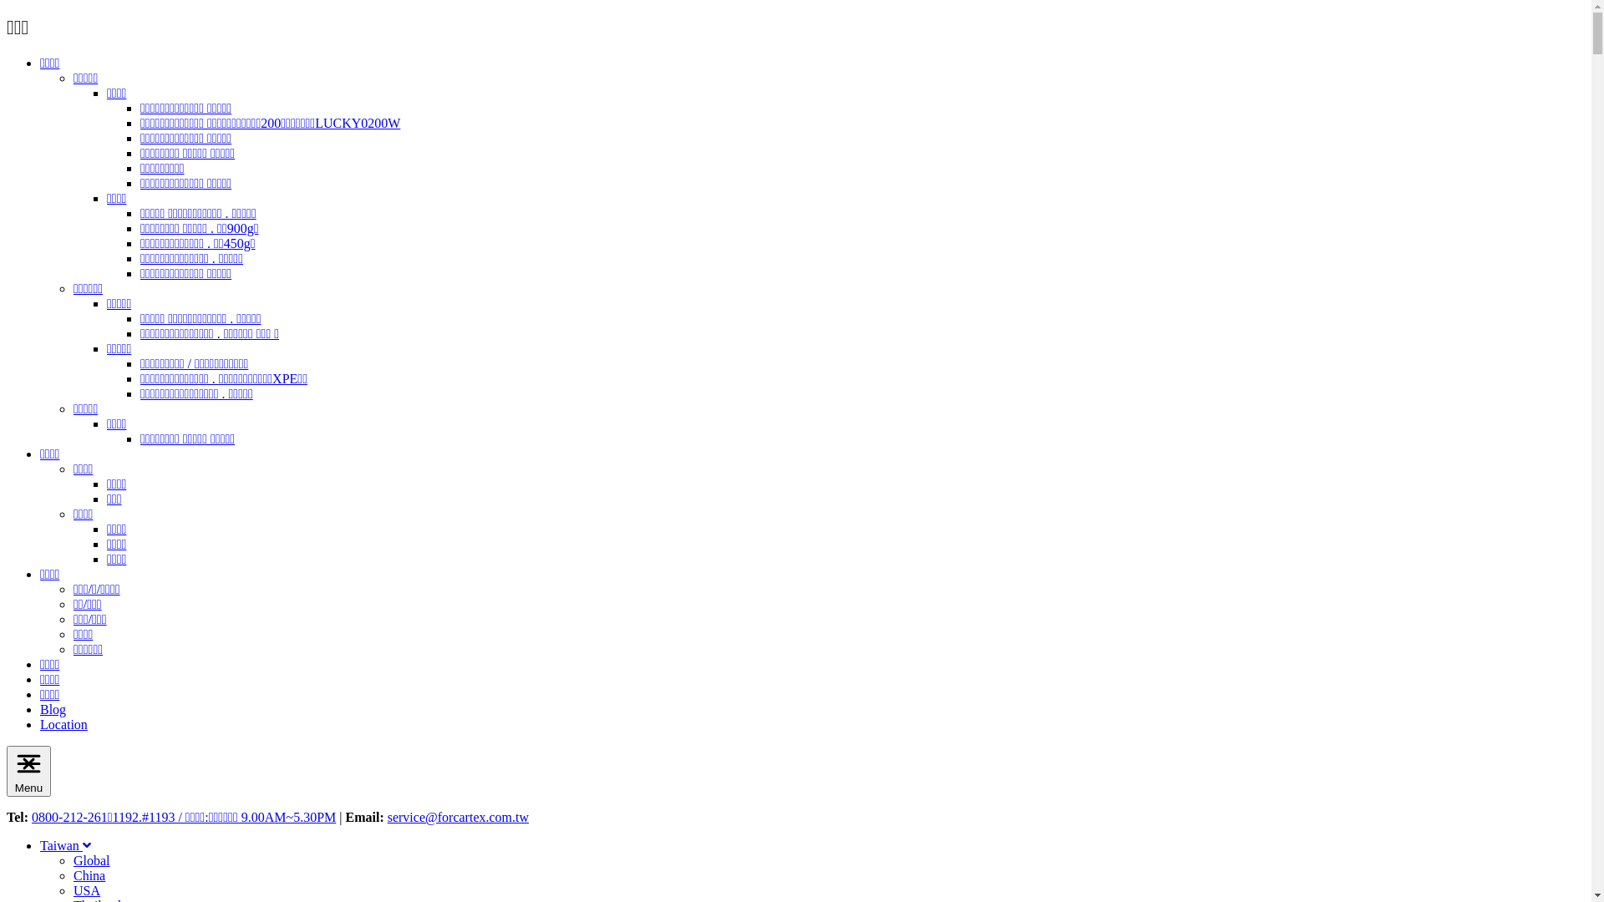 This screenshot has width=1604, height=902. Describe the element at coordinates (7, 771) in the screenshot. I see `'Menu'` at that location.